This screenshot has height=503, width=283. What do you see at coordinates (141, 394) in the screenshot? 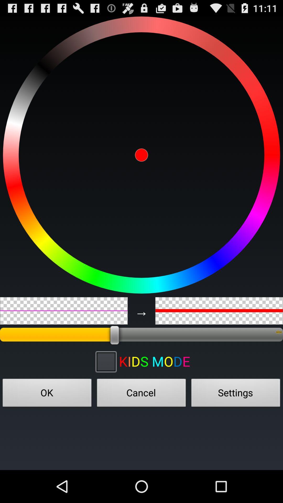
I see `the button next to the ok item` at bounding box center [141, 394].